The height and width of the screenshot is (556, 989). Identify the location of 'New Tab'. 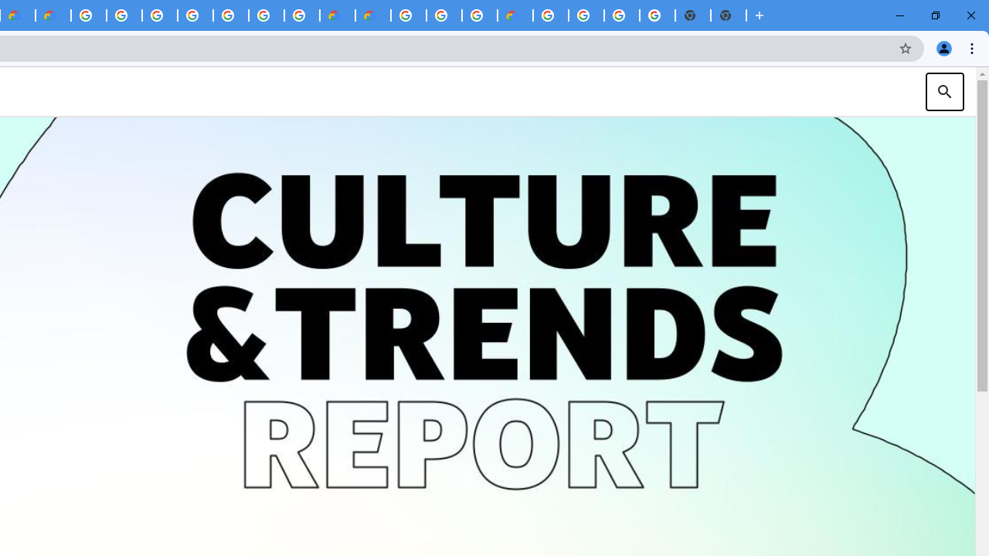
(728, 15).